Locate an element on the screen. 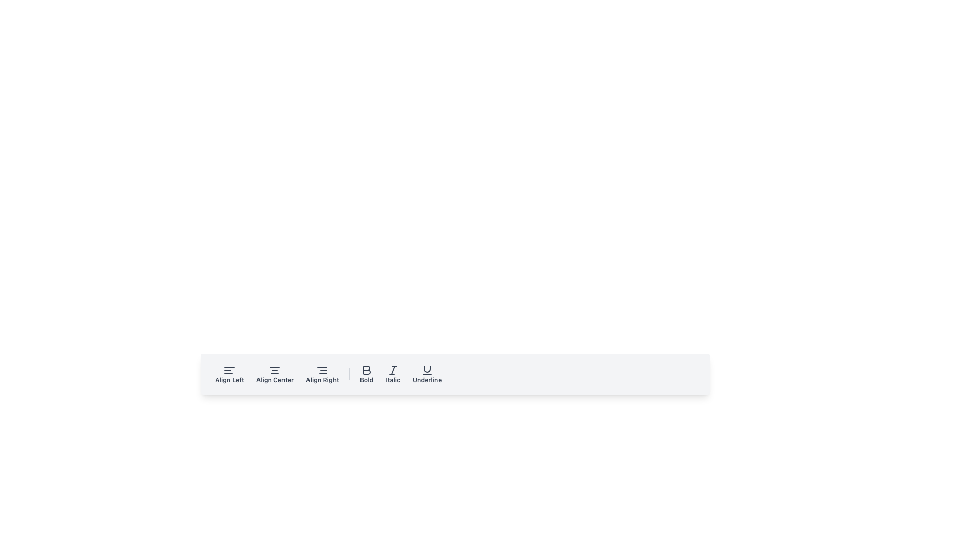 The width and height of the screenshot is (979, 550). the 'Align Center' icon in the toolbar is located at coordinates (275, 370).